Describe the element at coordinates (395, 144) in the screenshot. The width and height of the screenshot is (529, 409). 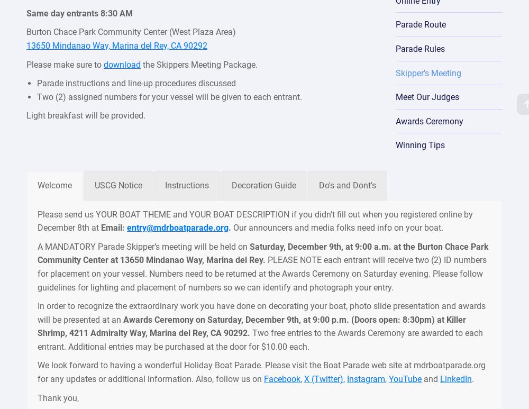
I see `'Winning Tips'` at that location.